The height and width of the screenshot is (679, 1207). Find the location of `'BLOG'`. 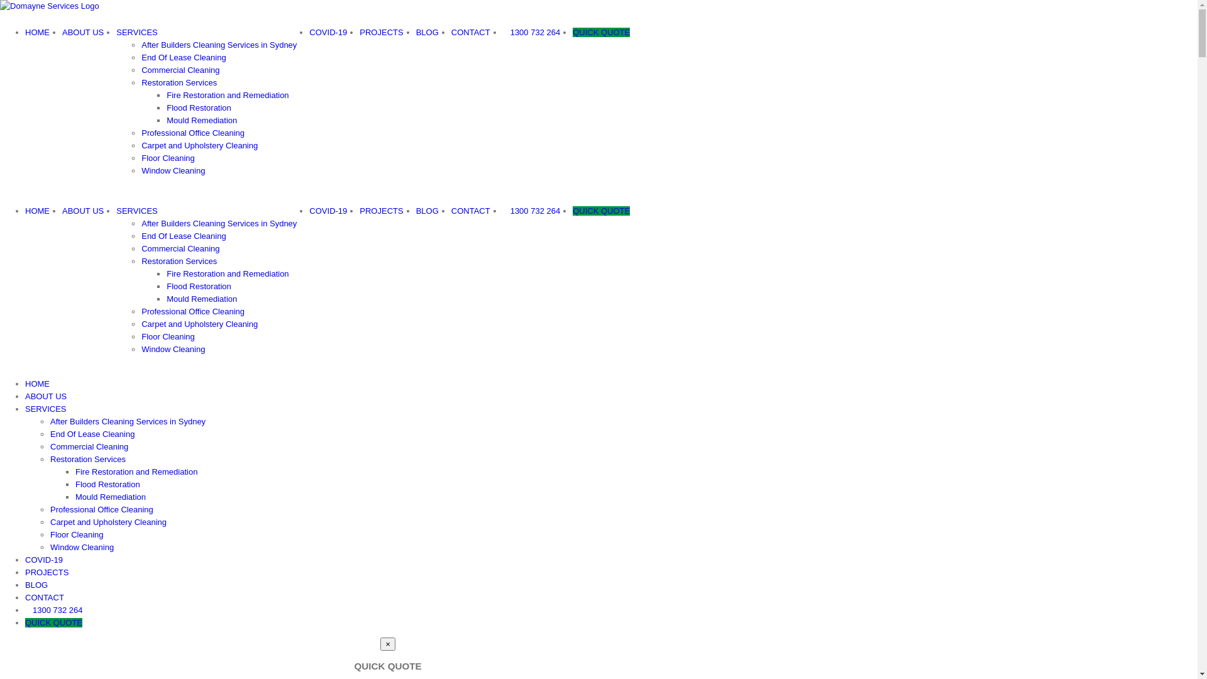

'BLOG' is located at coordinates (427, 210).